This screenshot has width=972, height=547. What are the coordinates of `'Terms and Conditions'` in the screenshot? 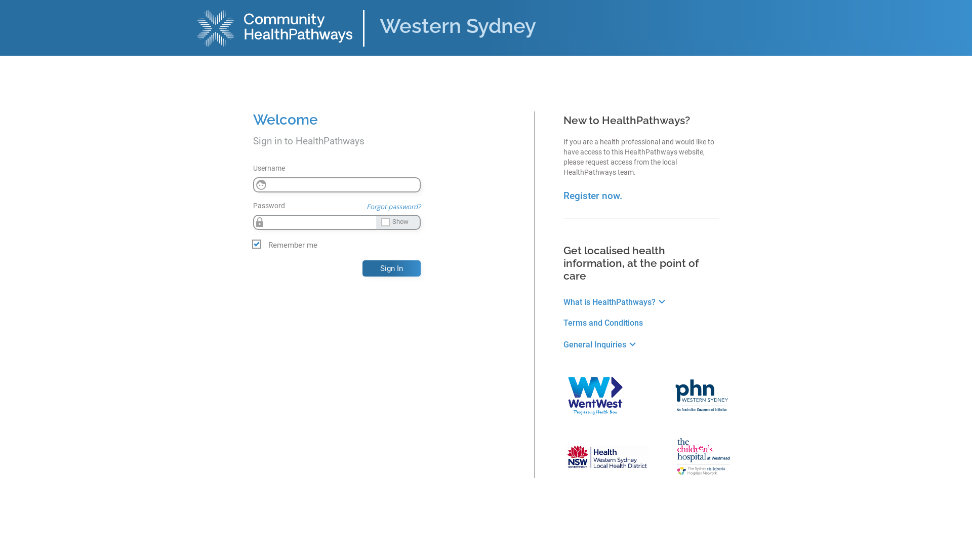 It's located at (563, 323).